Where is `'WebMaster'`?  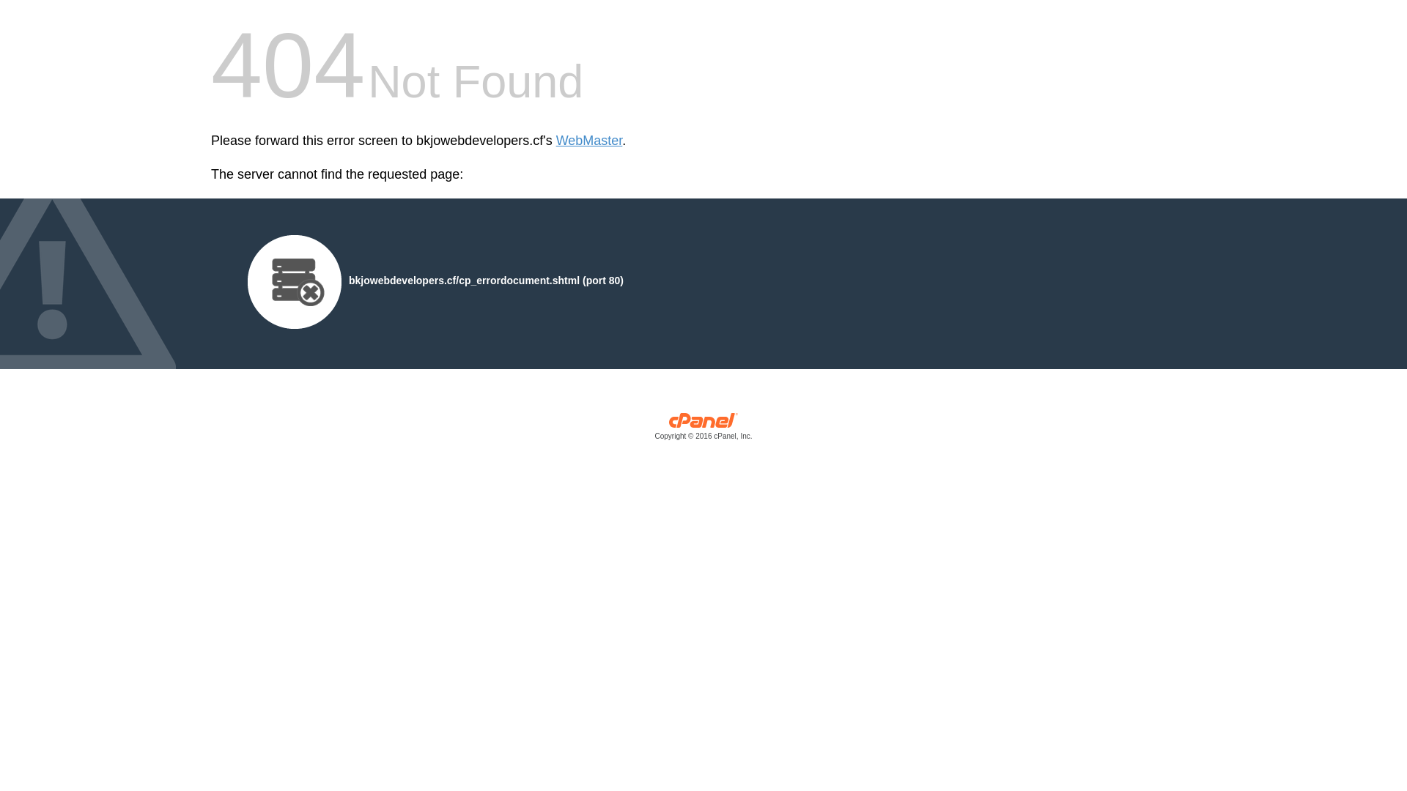
'WebMaster' is located at coordinates (589, 141).